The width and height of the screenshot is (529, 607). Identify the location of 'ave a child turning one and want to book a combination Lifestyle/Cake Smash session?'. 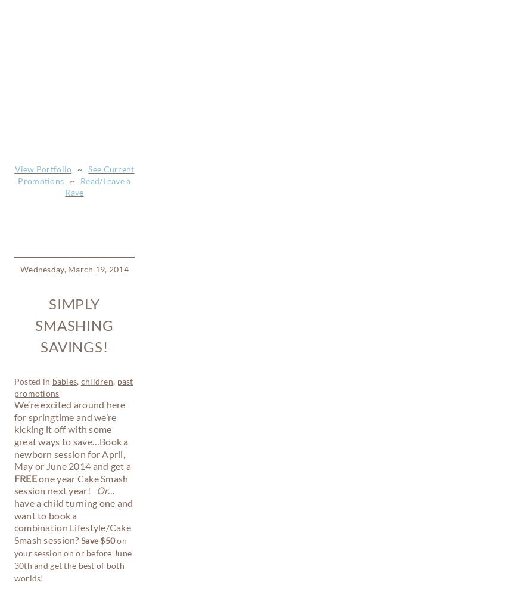
(73, 163).